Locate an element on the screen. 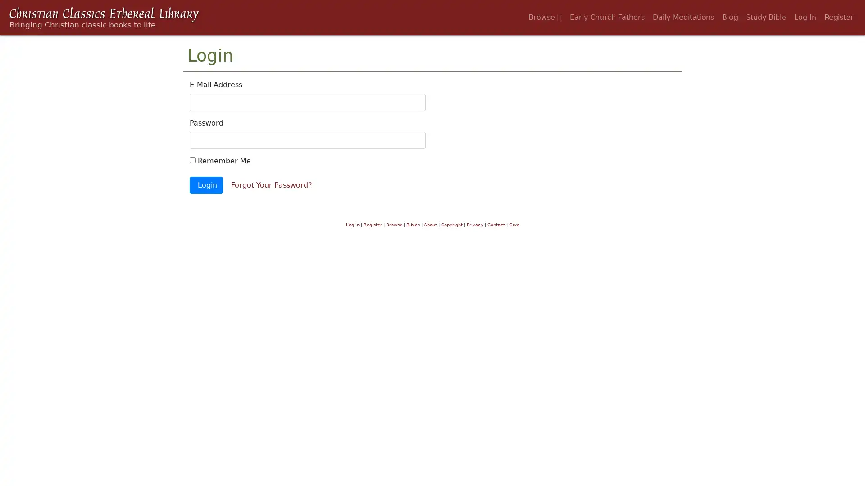 The height and width of the screenshot is (486, 865). Register is located at coordinates (838, 17).